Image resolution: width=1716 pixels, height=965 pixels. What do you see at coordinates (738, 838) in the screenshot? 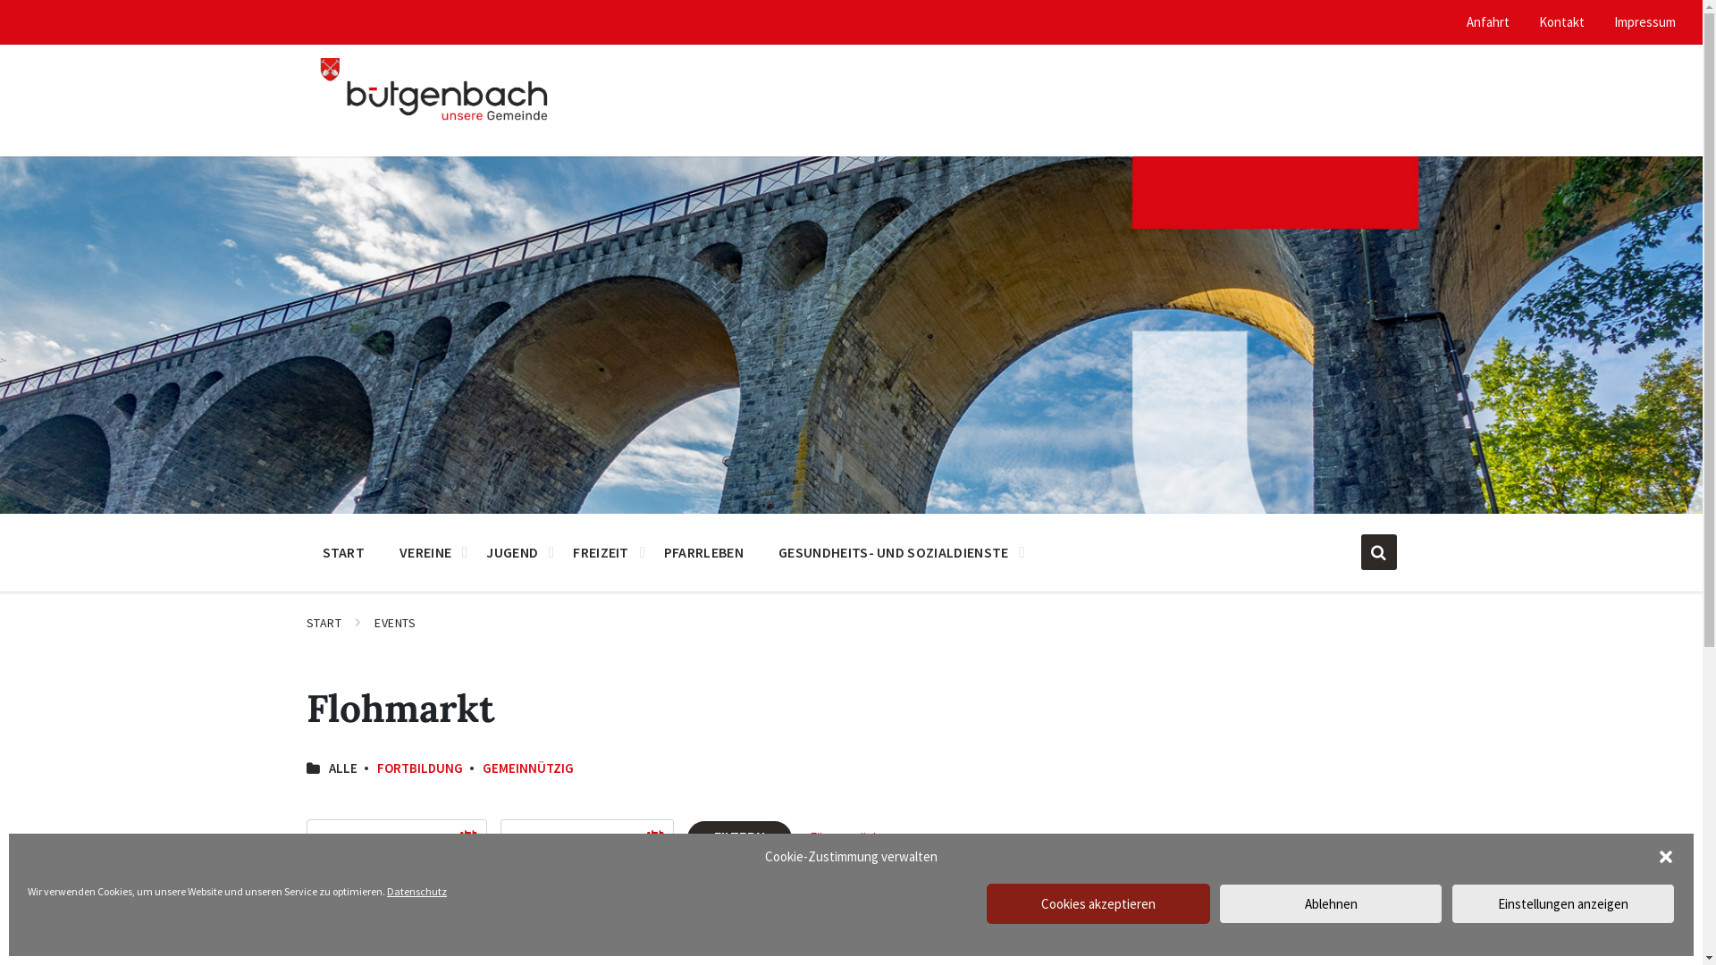
I see `'FILTERN'` at bounding box center [738, 838].